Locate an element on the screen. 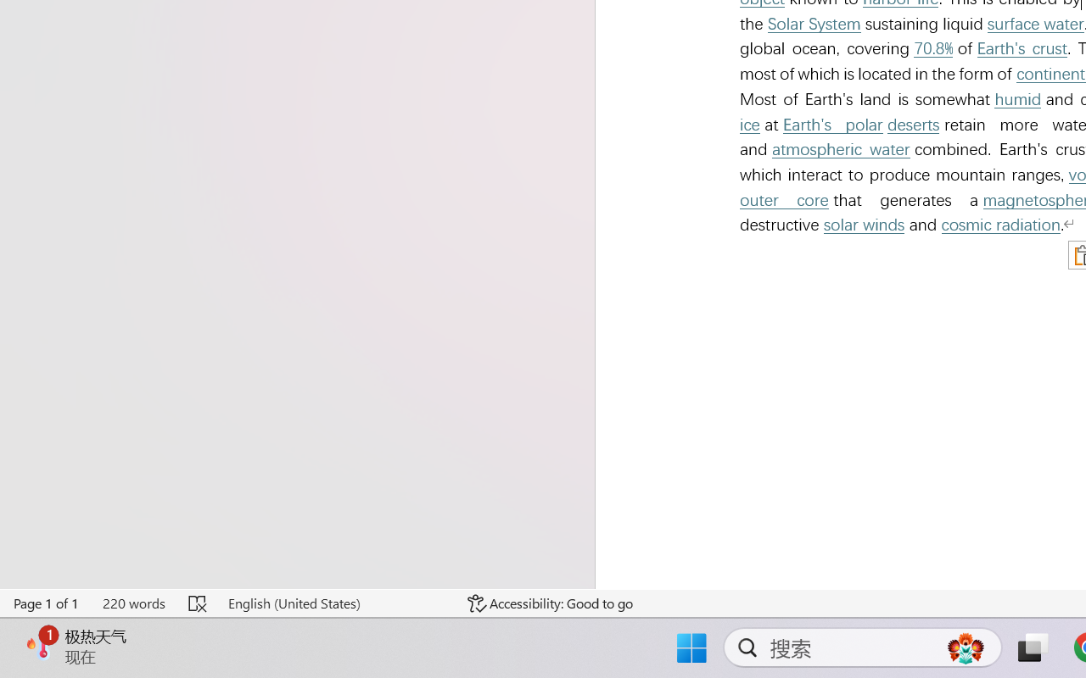 The width and height of the screenshot is (1086, 678). 'atmospheric water' is located at coordinates (841, 148).